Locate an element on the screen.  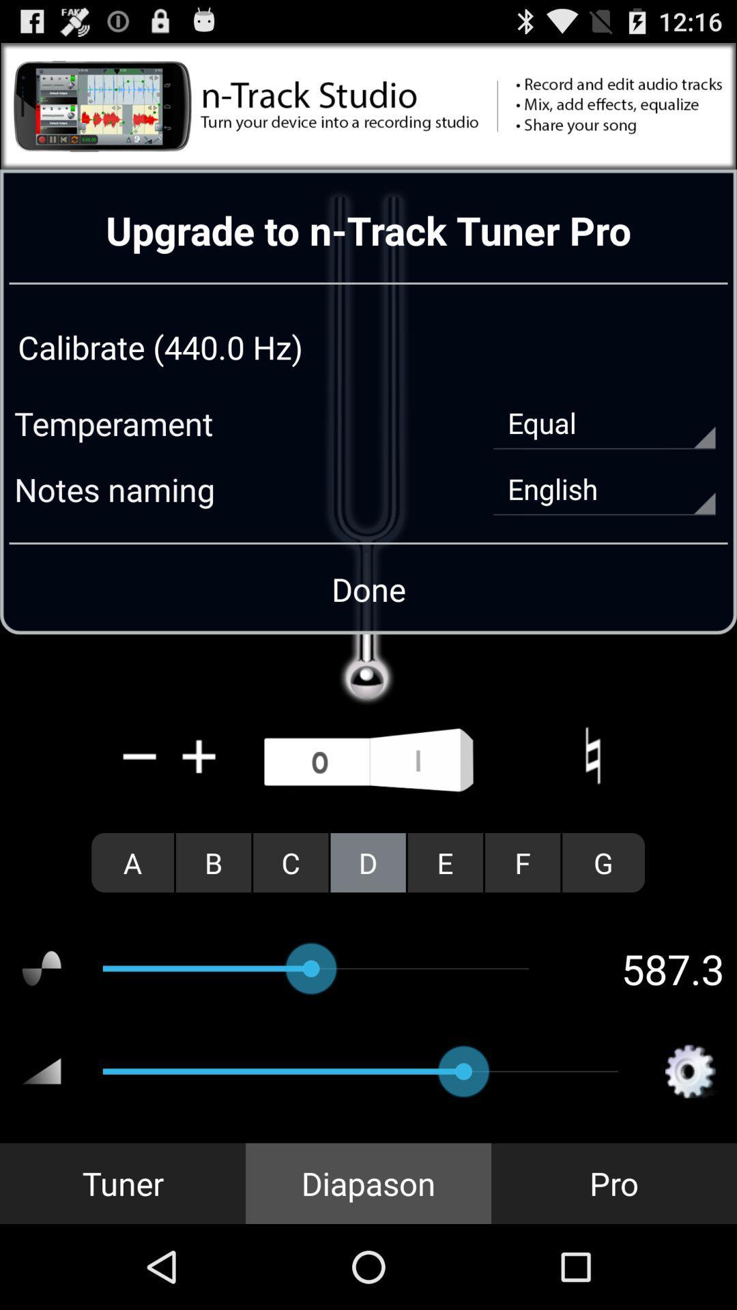
item next to g is located at coordinates (522, 862).